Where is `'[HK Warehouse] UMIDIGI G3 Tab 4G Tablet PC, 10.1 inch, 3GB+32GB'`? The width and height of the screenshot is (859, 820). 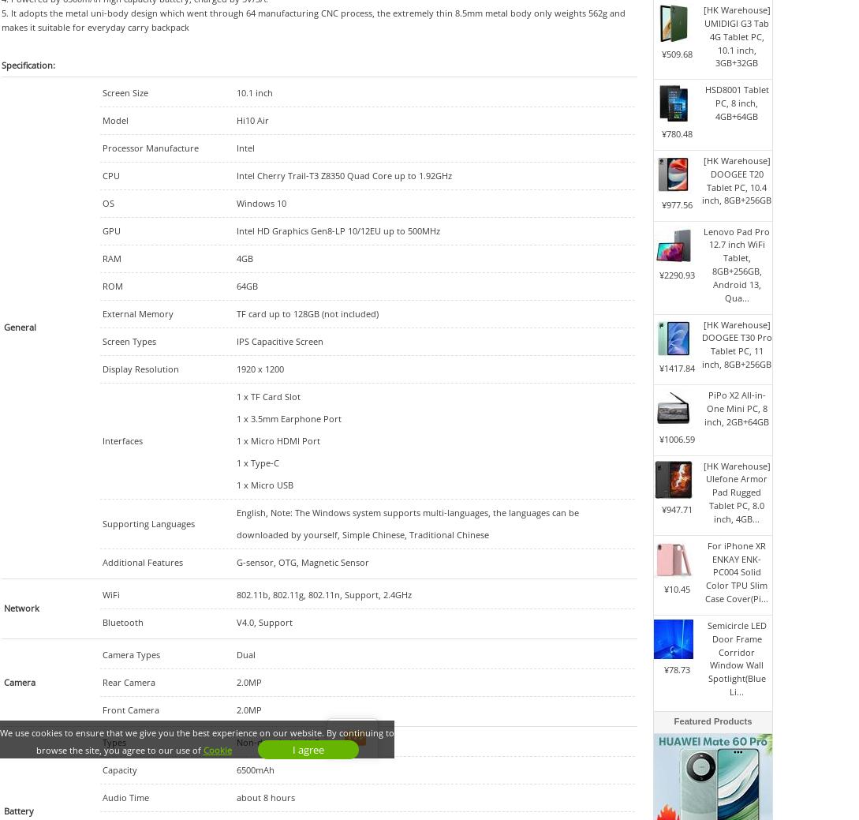 '[HK Warehouse] UMIDIGI G3 Tab 4G Tablet PC, 10.1 inch, 3GB+32GB' is located at coordinates (735, 36).